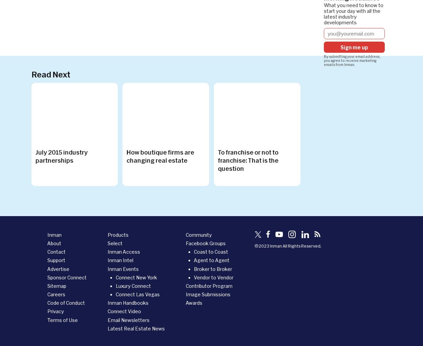  Describe the element at coordinates (56, 260) in the screenshot. I see `'Support'` at that location.